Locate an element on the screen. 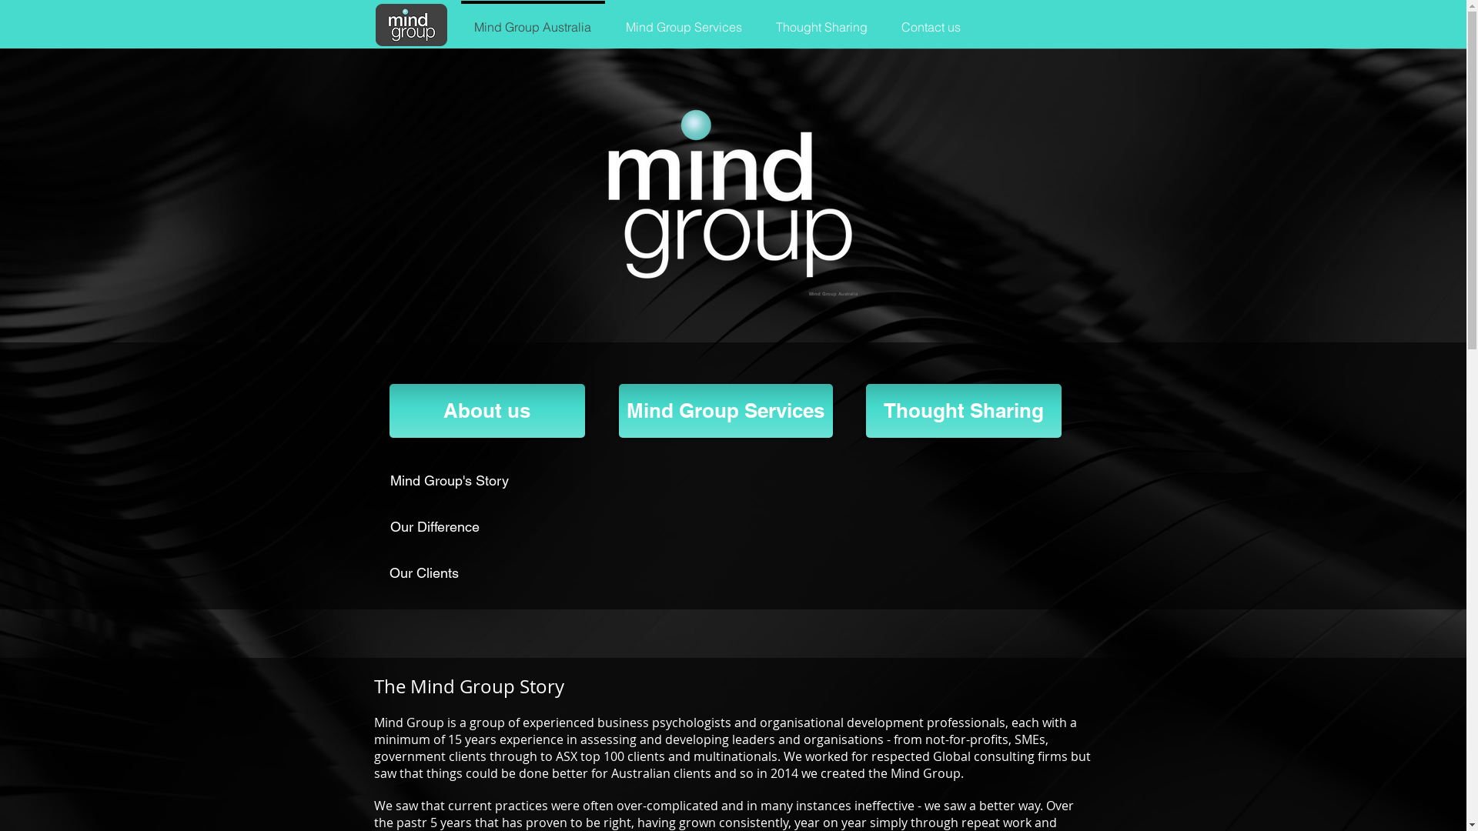 Image resolution: width=1478 pixels, height=831 pixels. 'Thought Sharing' is located at coordinates (962, 409).